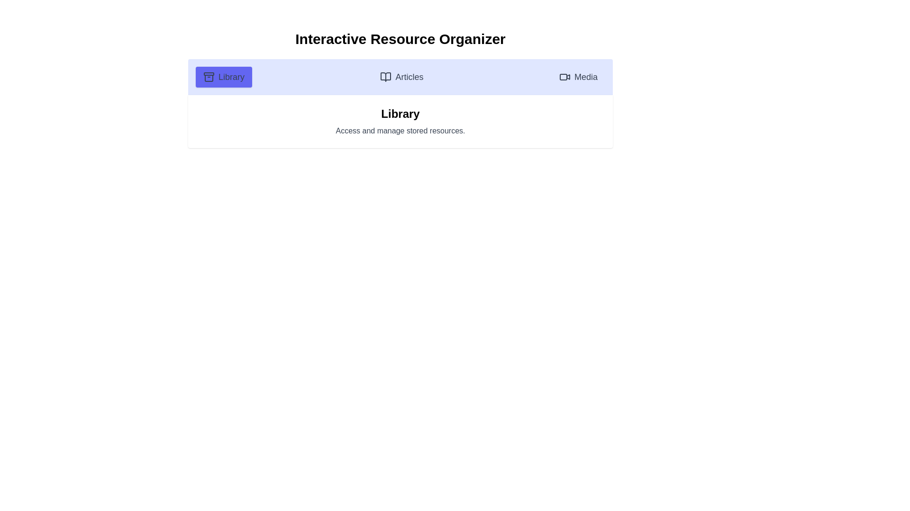  Describe the element at coordinates (578, 76) in the screenshot. I see `the tab corresponding to Media to change the content text` at that location.